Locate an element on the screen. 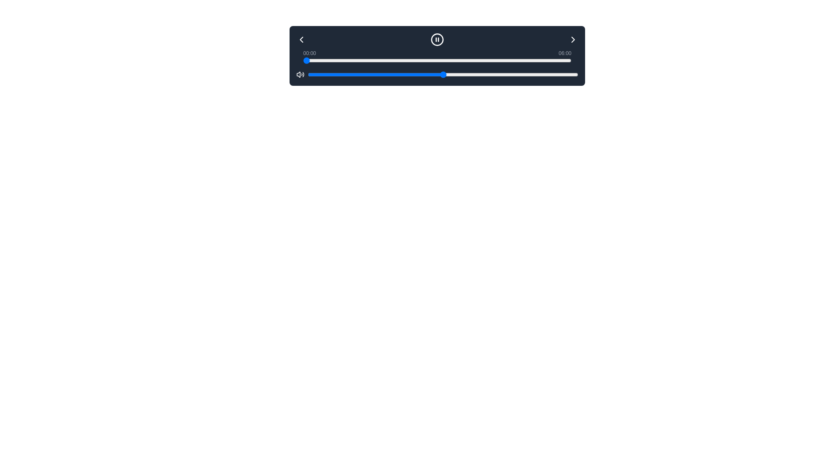 The image size is (820, 461). the slider is located at coordinates (306, 60).